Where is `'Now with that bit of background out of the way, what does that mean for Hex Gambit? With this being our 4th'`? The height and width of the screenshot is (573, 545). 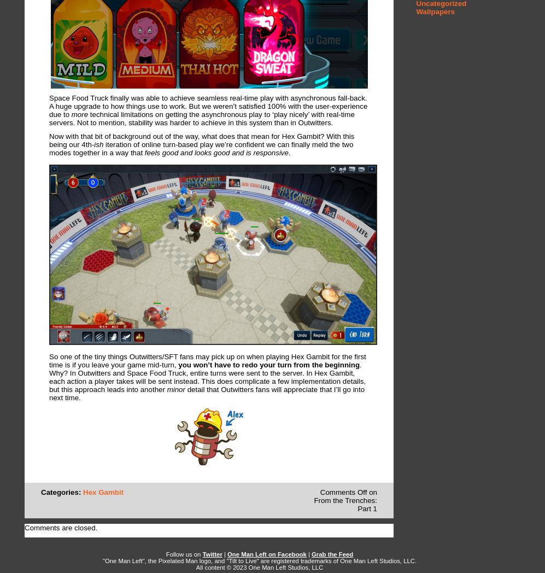 'Now with that bit of background out of the way, what does that mean for Hex Gambit? With this being our 4th' is located at coordinates (49, 140).